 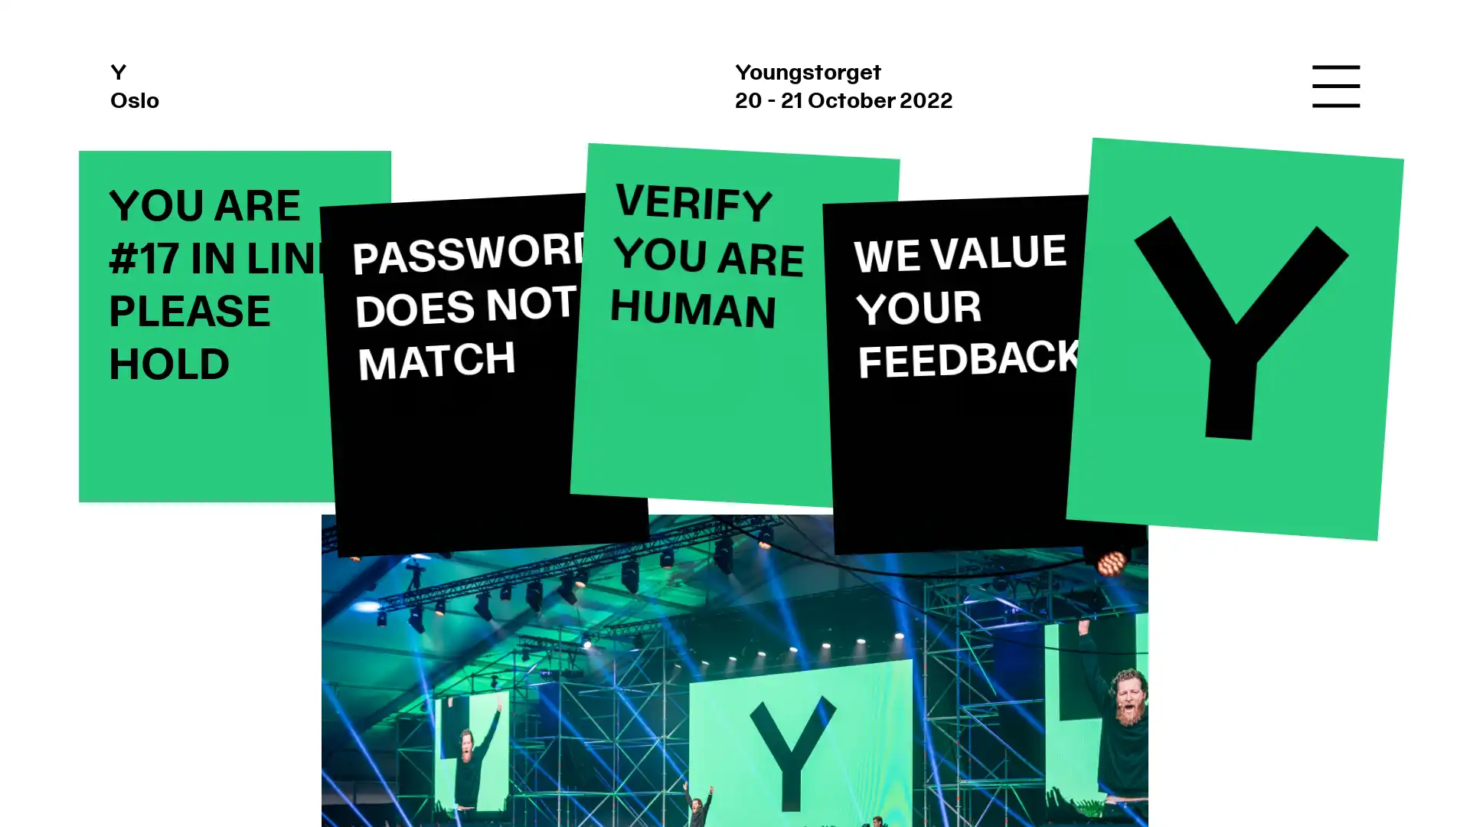 I want to click on PASSWORD DOES NOT MATCH, so click(x=484, y=374).